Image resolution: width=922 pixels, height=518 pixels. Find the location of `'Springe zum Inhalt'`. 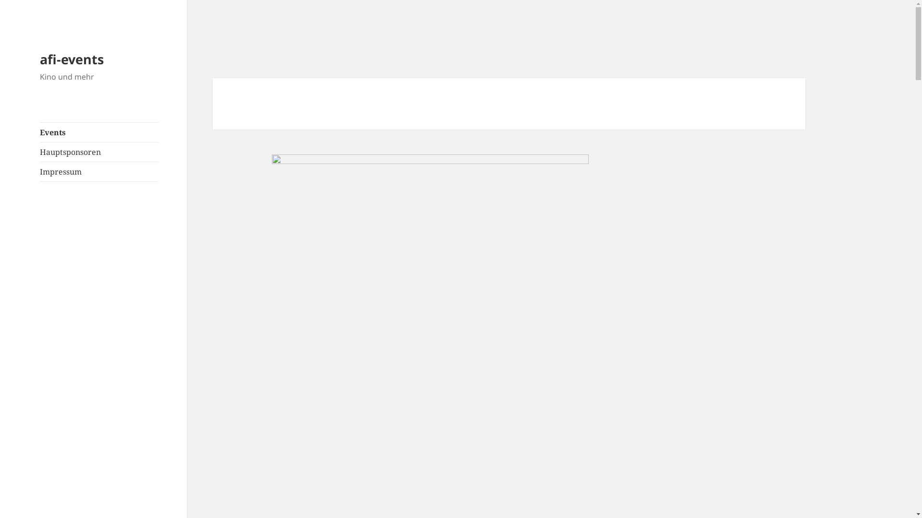

'Springe zum Inhalt' is located at coordinates (0, 0).